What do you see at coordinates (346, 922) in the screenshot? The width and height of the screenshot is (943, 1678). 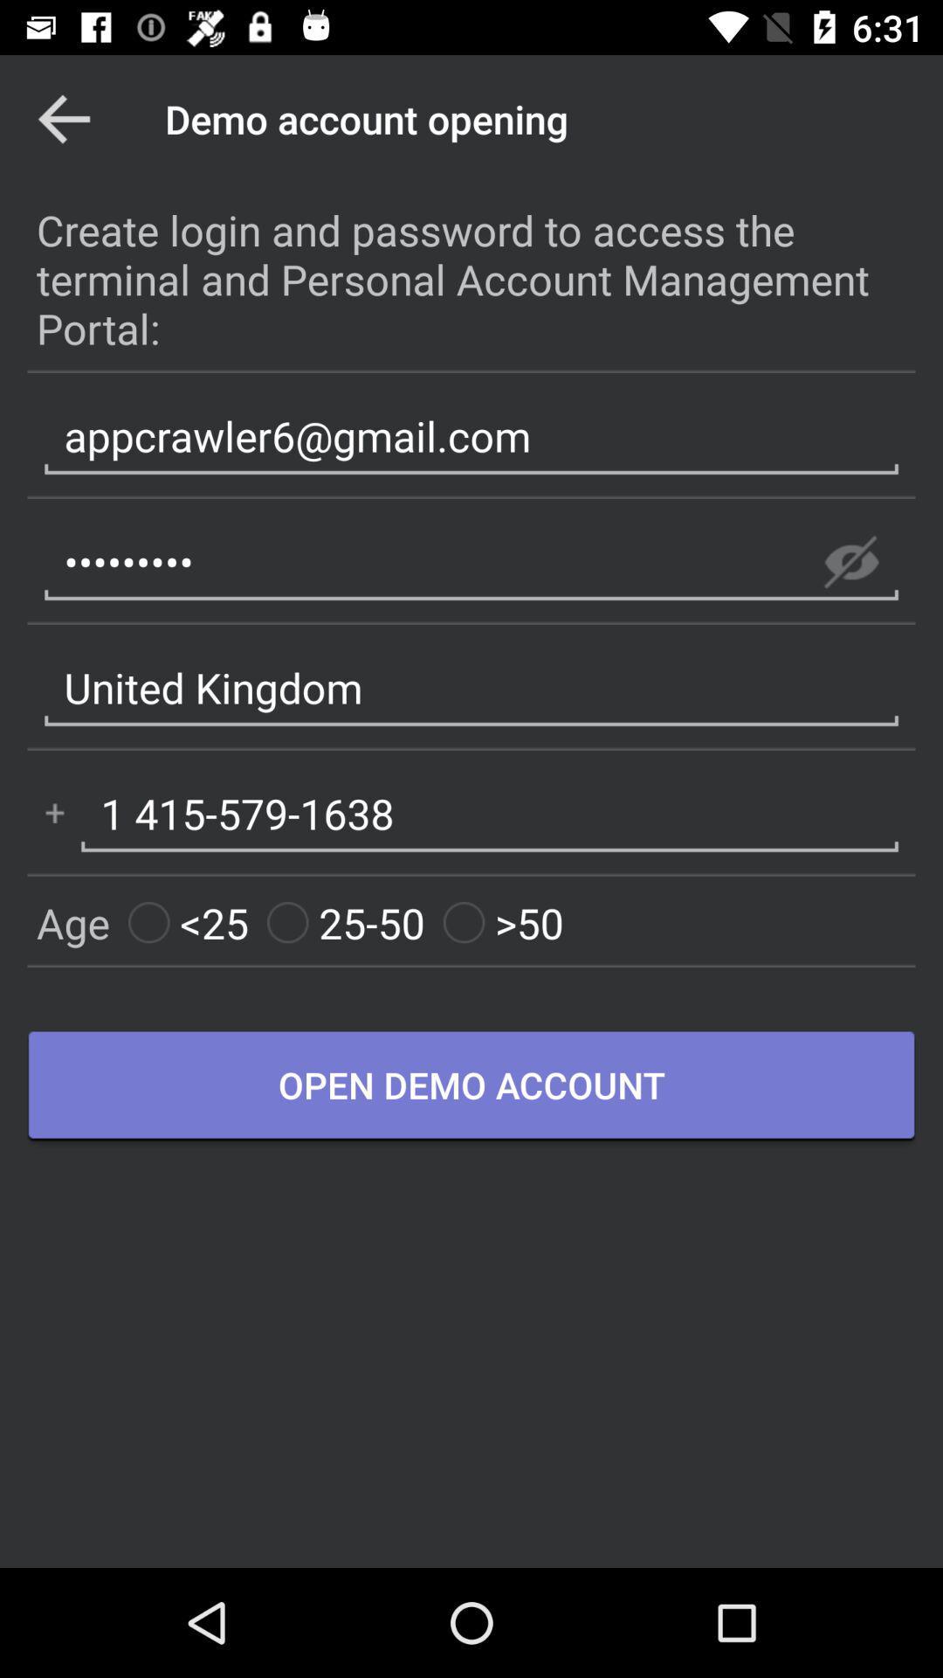 I see `item next to <25 icon` at bounding box center [346, 922].